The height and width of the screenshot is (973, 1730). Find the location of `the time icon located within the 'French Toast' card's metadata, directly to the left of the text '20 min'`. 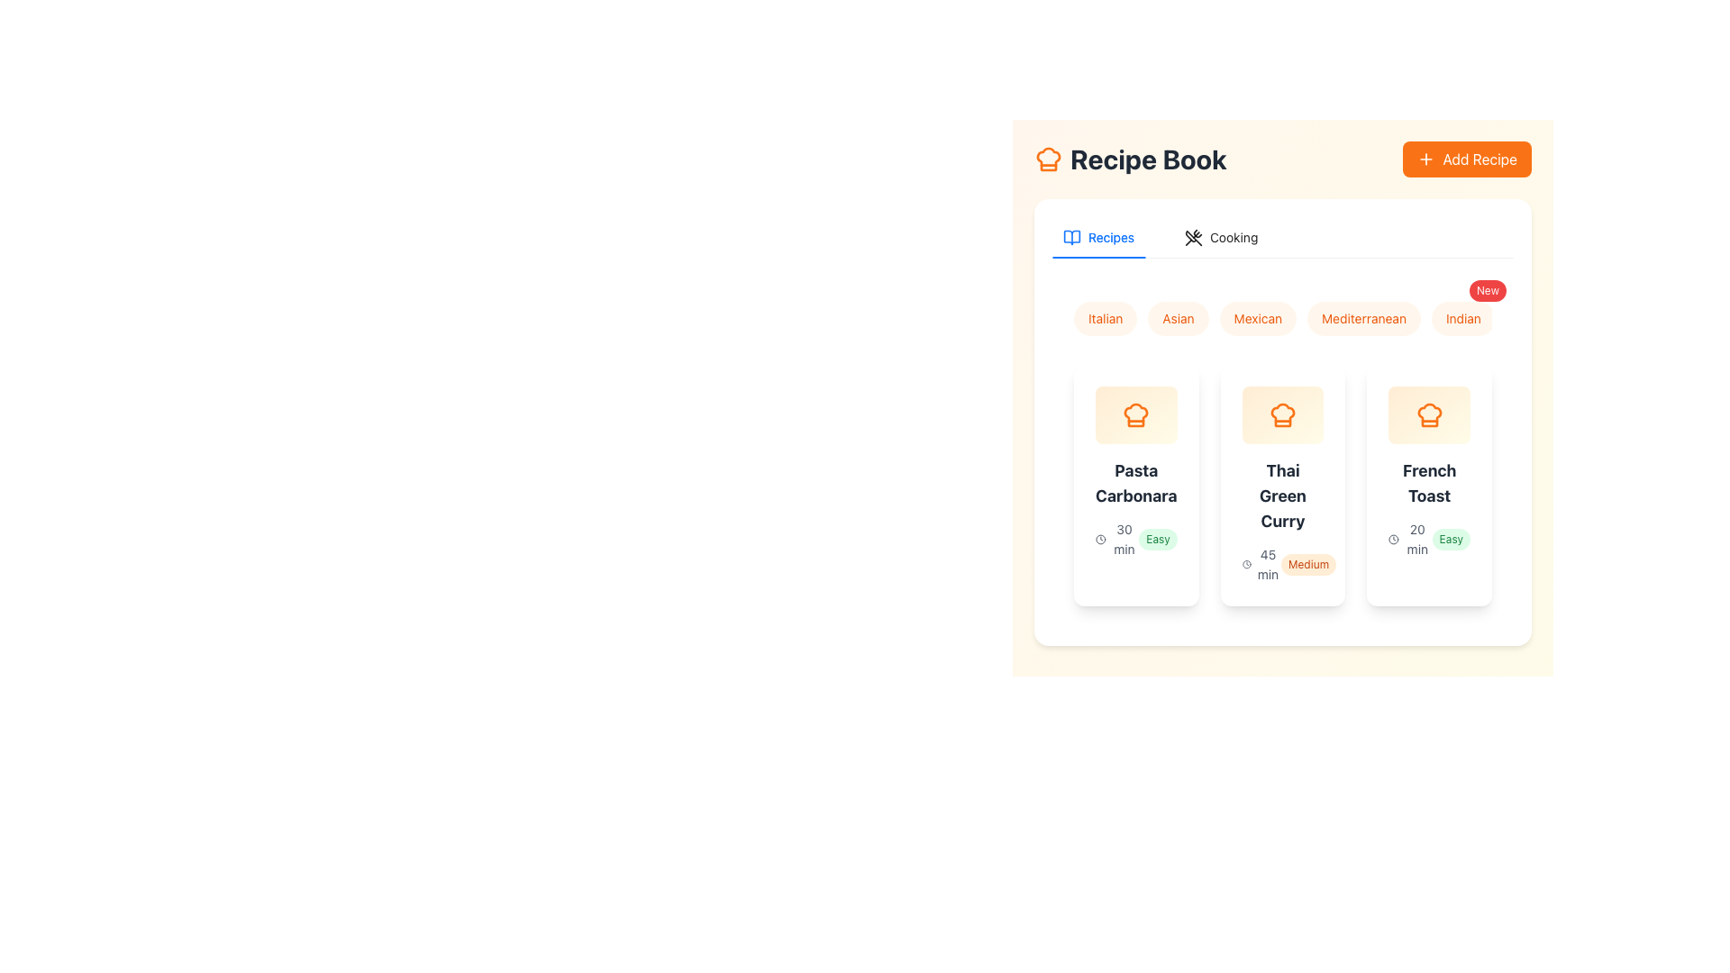

the time icon located within the 'French Toast' card's metadata, directly to the left of the text '20 min' is located at coordinates (1393, 538).